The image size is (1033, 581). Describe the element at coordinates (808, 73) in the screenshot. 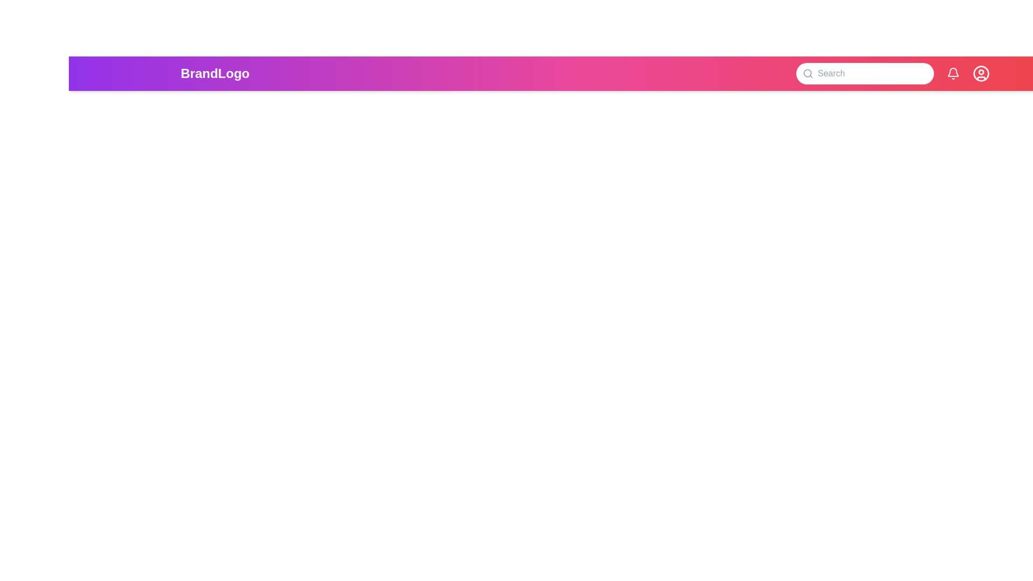

I see `the decorative SVG circle element that represents the lens of the magnifying glass in the search icon, positioned to the left of the search bar` at that location.